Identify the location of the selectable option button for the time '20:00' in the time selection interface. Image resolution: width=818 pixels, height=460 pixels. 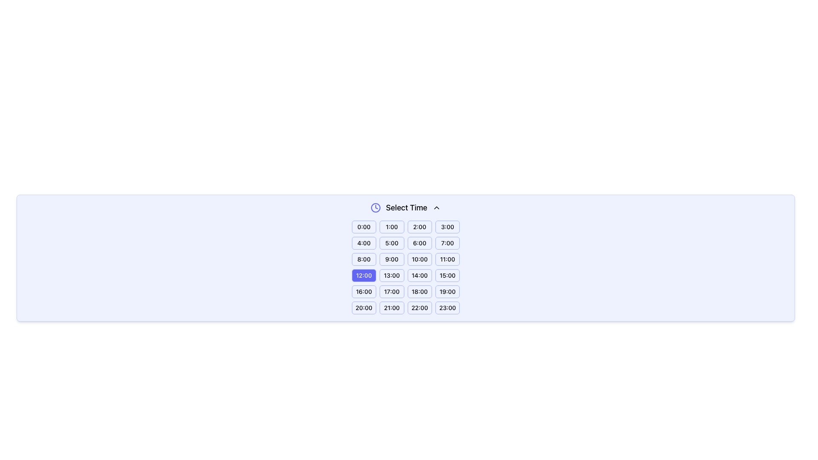
(364, 308).